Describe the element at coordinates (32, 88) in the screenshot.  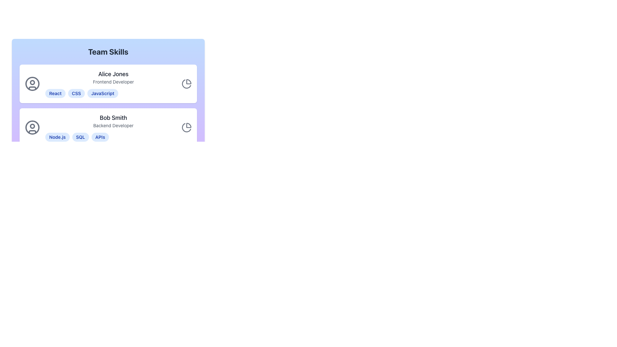
I see `the lower part of the user profile icon representing Alice Jones, specifically the curved line forming the shoulders and neck of the person` at that location.